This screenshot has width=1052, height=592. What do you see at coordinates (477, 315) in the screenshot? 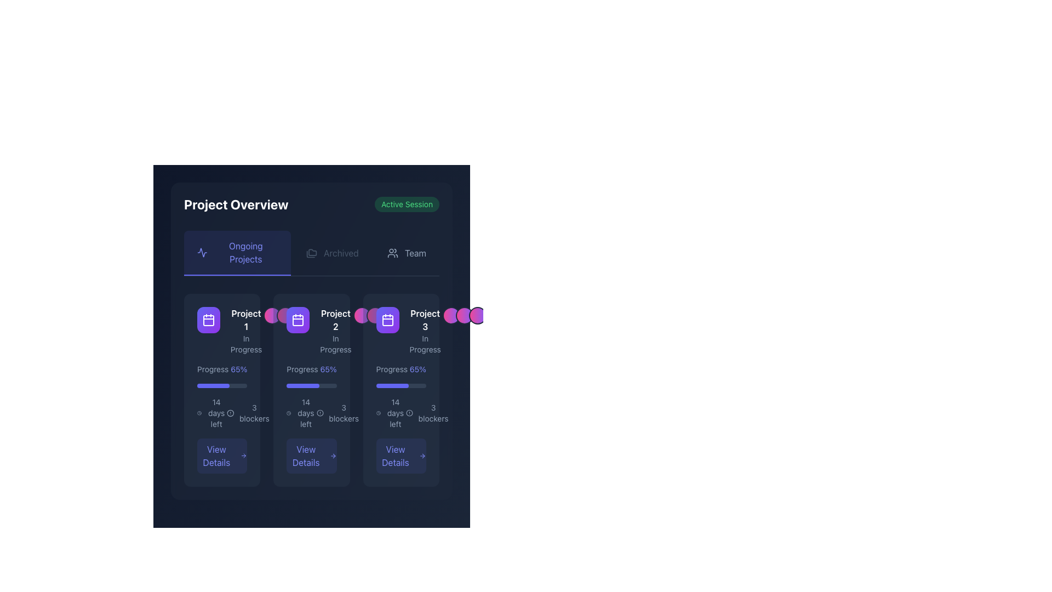
I see `the third circular UI component with a gradient background transitioning from pink to violet, located below the header 'Project 3'` at bounding box center [477, 315].